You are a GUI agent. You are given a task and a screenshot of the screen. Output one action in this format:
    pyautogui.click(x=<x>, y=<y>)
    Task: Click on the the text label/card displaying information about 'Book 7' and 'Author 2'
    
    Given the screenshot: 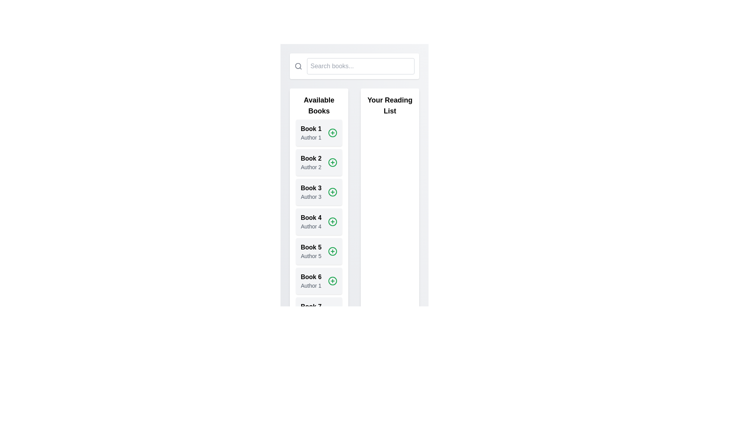 What is the action you would take?
    pyautogui.click(x=310, y=310)
    